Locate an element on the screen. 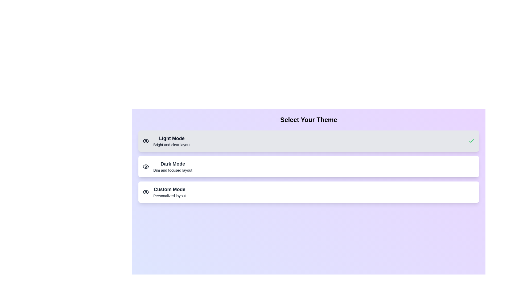 The width and height of the screenshot is (511, 287). the theme button for Dark Mode is located at coordinates (309, 166).